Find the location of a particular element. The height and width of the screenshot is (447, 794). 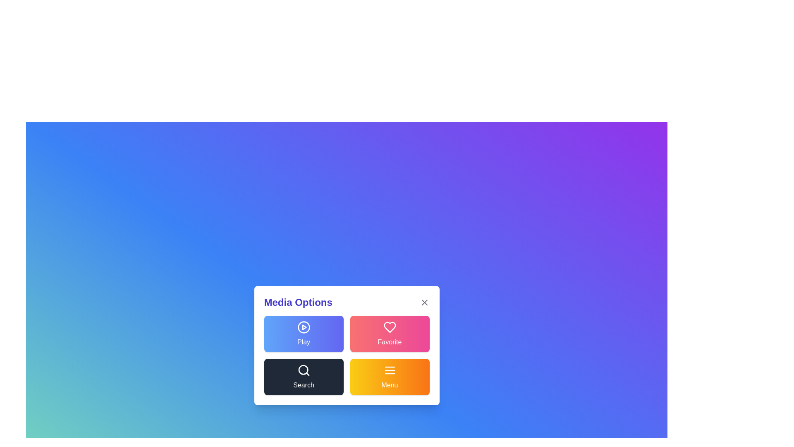

the text label header at the upper left of the modal window, which categorizes the content below and is positioned above the four large buttons is located at coordinates (298, 303).